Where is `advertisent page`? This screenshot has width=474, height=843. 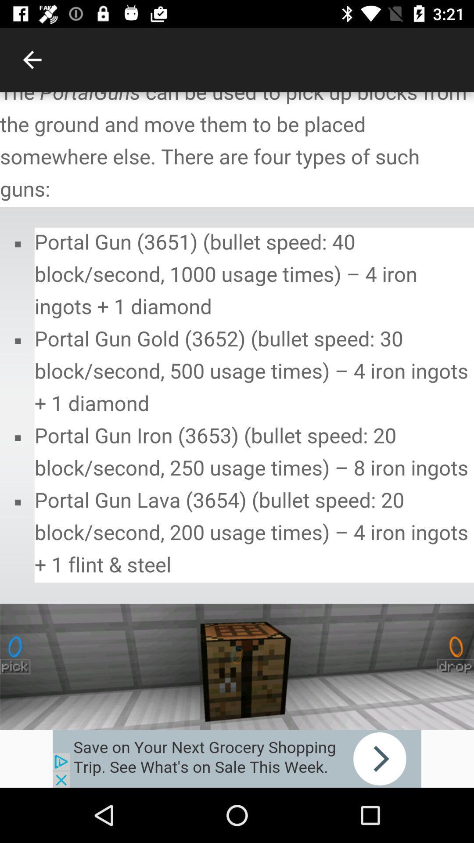
advertisent page is located at coordinates (237, 758).